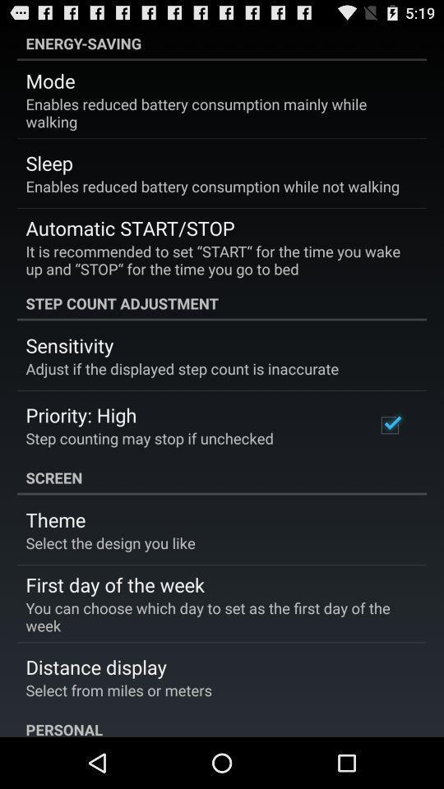  What do you see at coordinates (216, 260) in the screenshot?
I see `the it is recommended` at bounding box center [216, 260].